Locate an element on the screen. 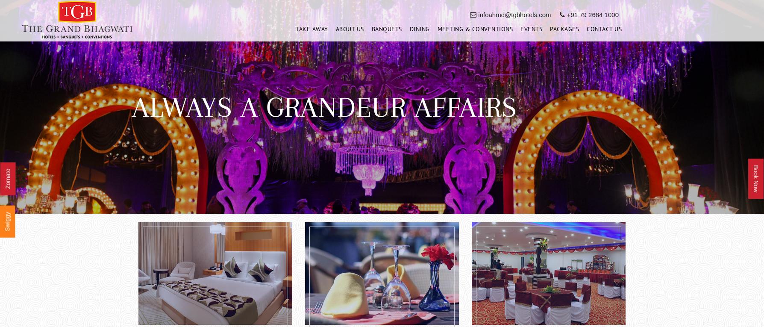 The height and width of the screenshot is (327, 764). 'Meeting & conventions' is located at coordinates (475, 31).